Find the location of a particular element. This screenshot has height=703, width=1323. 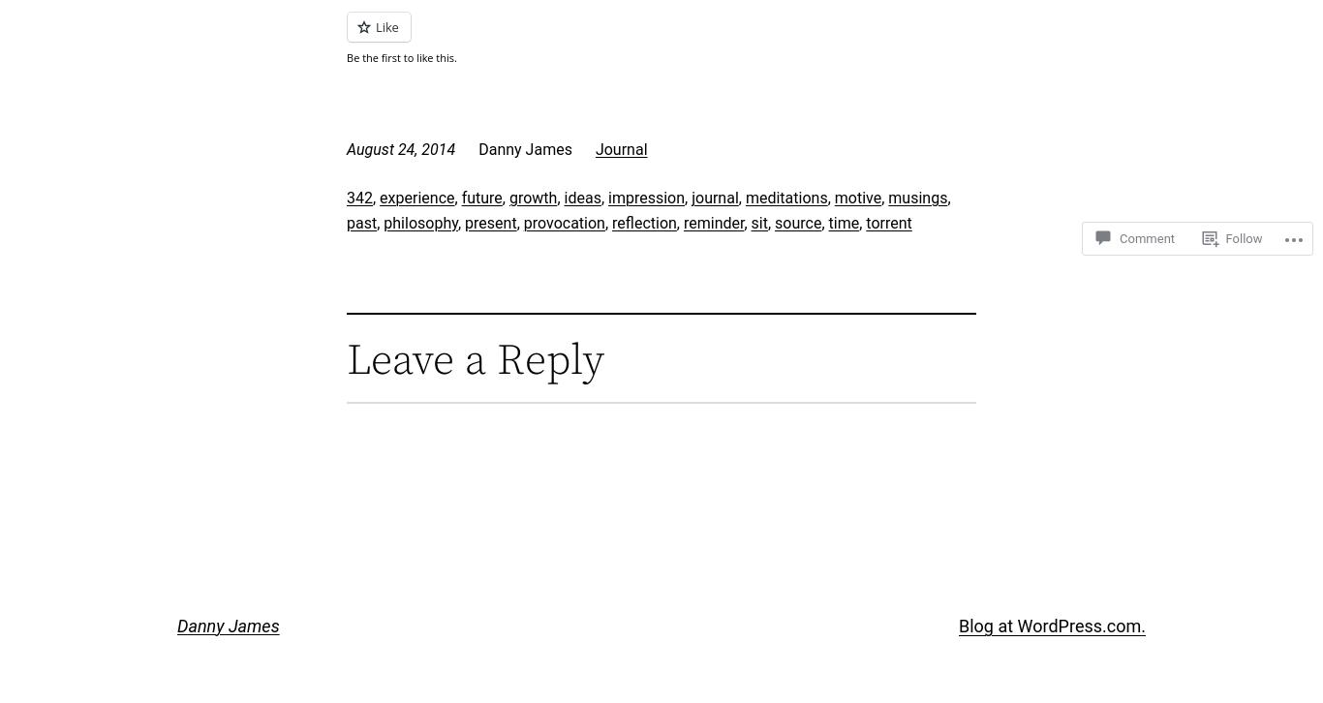

'growth' is located at coordinates (532, 197).